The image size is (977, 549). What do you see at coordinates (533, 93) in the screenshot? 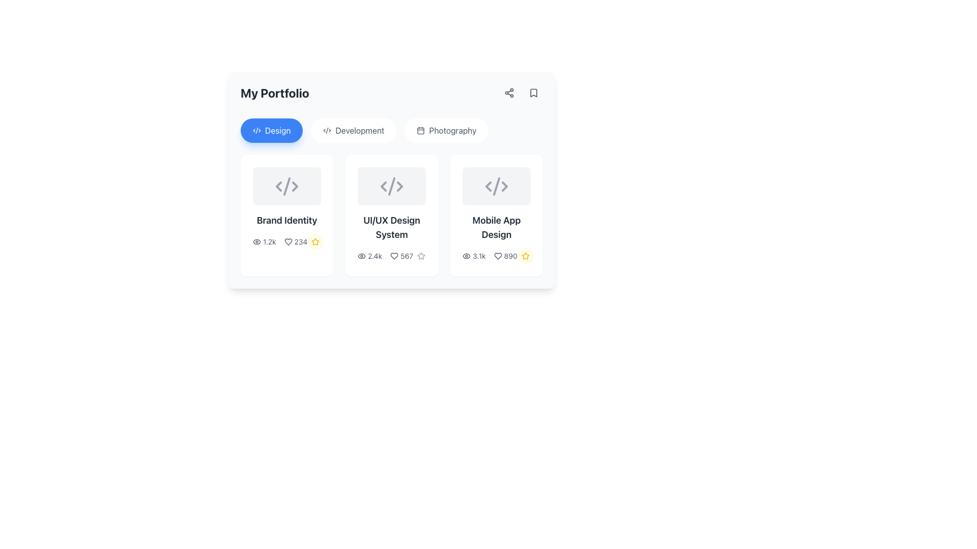
I see `the rightmost bookmark button with an SVG icon in the 'My Portfolio' section to bookmark the portfolio` at bounding box center [533, 93].